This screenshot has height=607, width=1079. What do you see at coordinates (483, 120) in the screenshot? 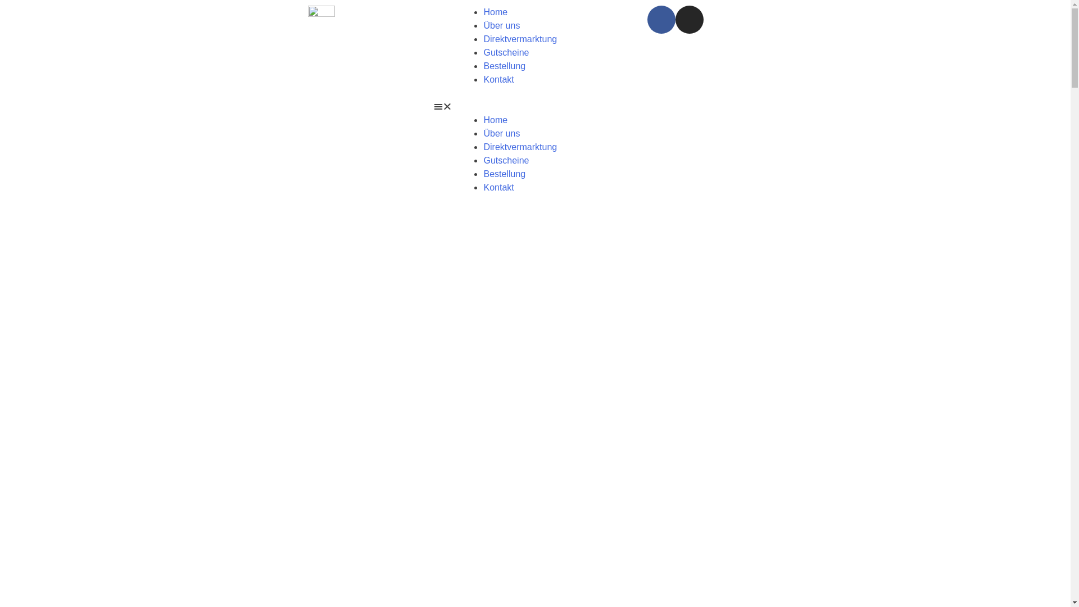
I see `'Home'` at bounding box center [483, 120].